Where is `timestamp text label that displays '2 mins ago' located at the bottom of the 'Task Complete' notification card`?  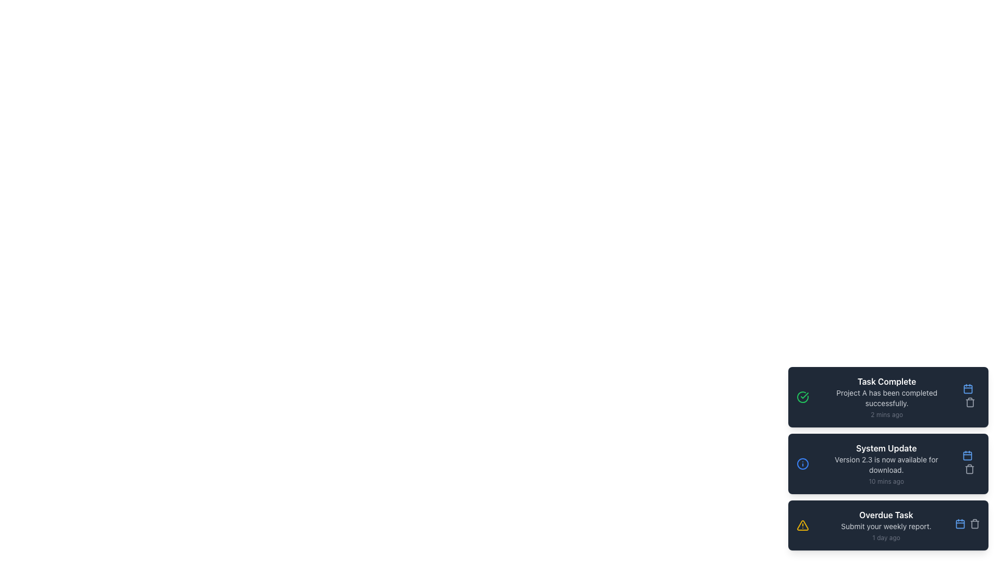
timestamp text label that displays '2 mins ago' located at the bottom of the 'Task Complete' notification card is located at coordinates (886, 414).